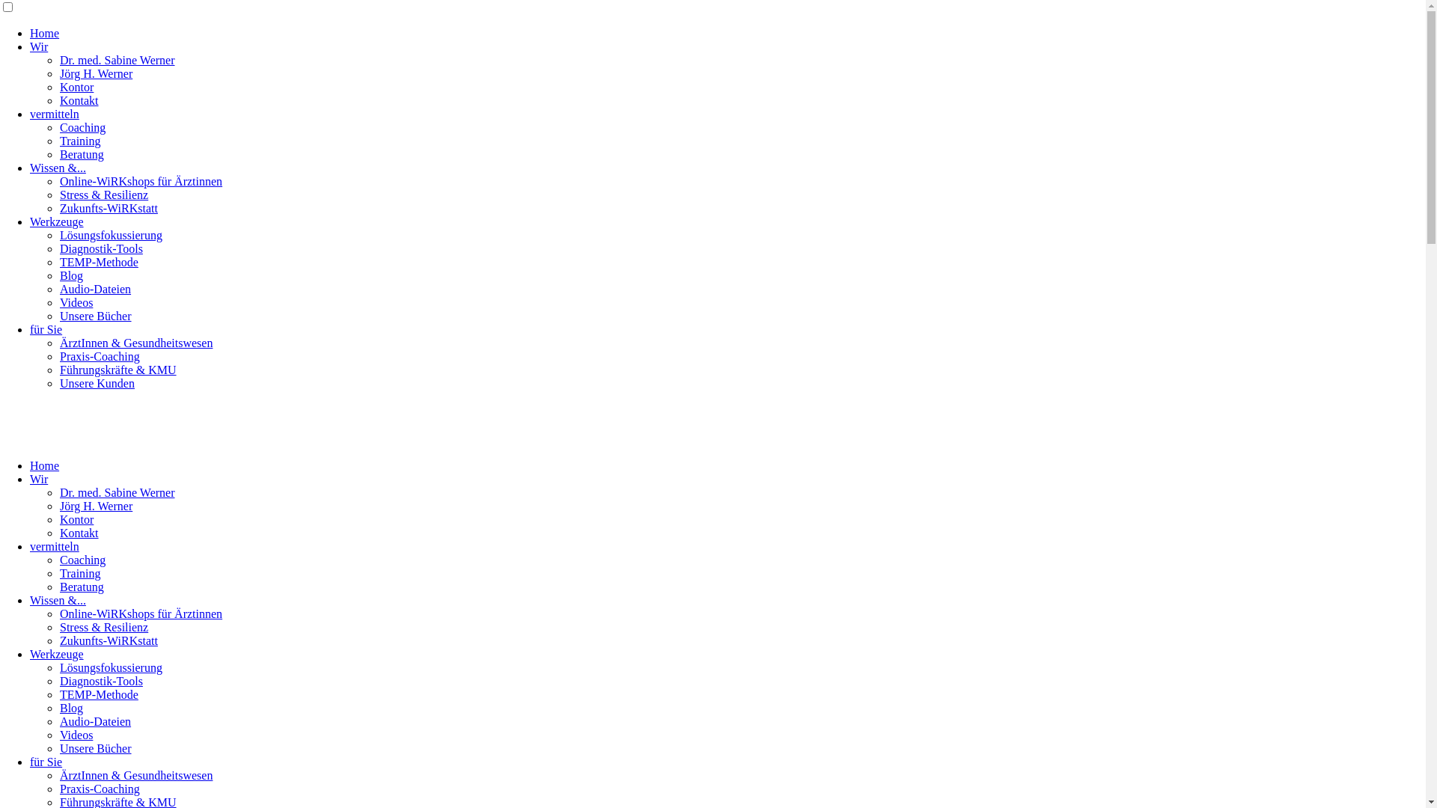  Describe the element at coordinates (103, 627) in the screenshot. I see `'Stress & Resilienz'` at that location.